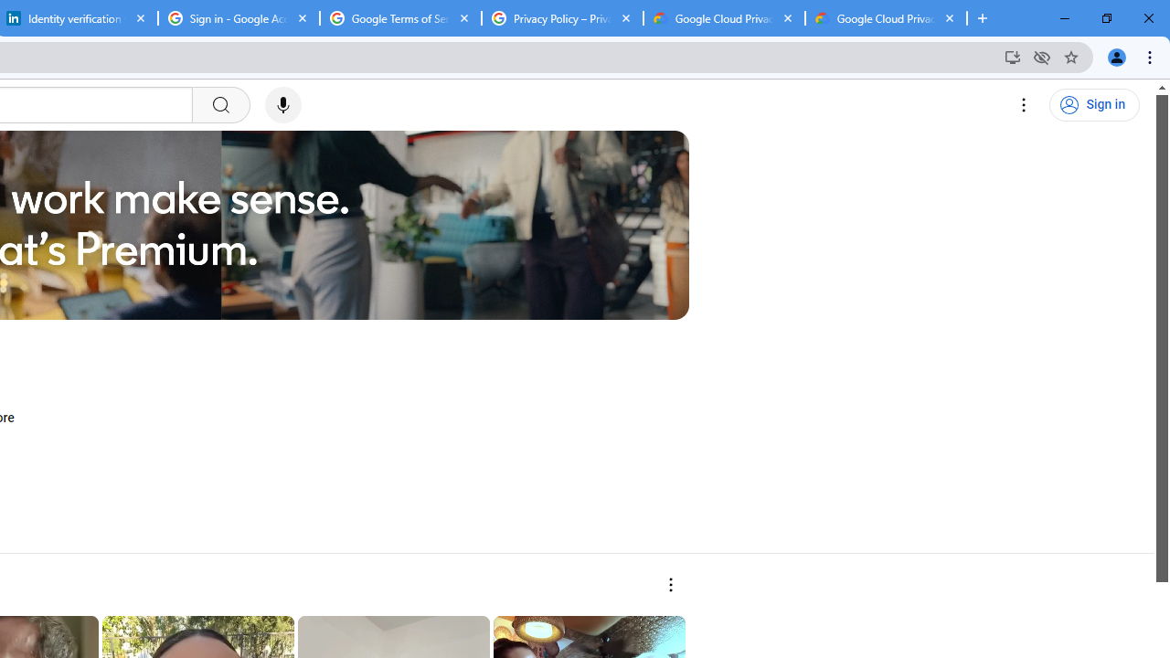  Describe the element at coordinates (723, 18) in the screenshot. I see `'Google Cloud Privacy Notice'` at that location.